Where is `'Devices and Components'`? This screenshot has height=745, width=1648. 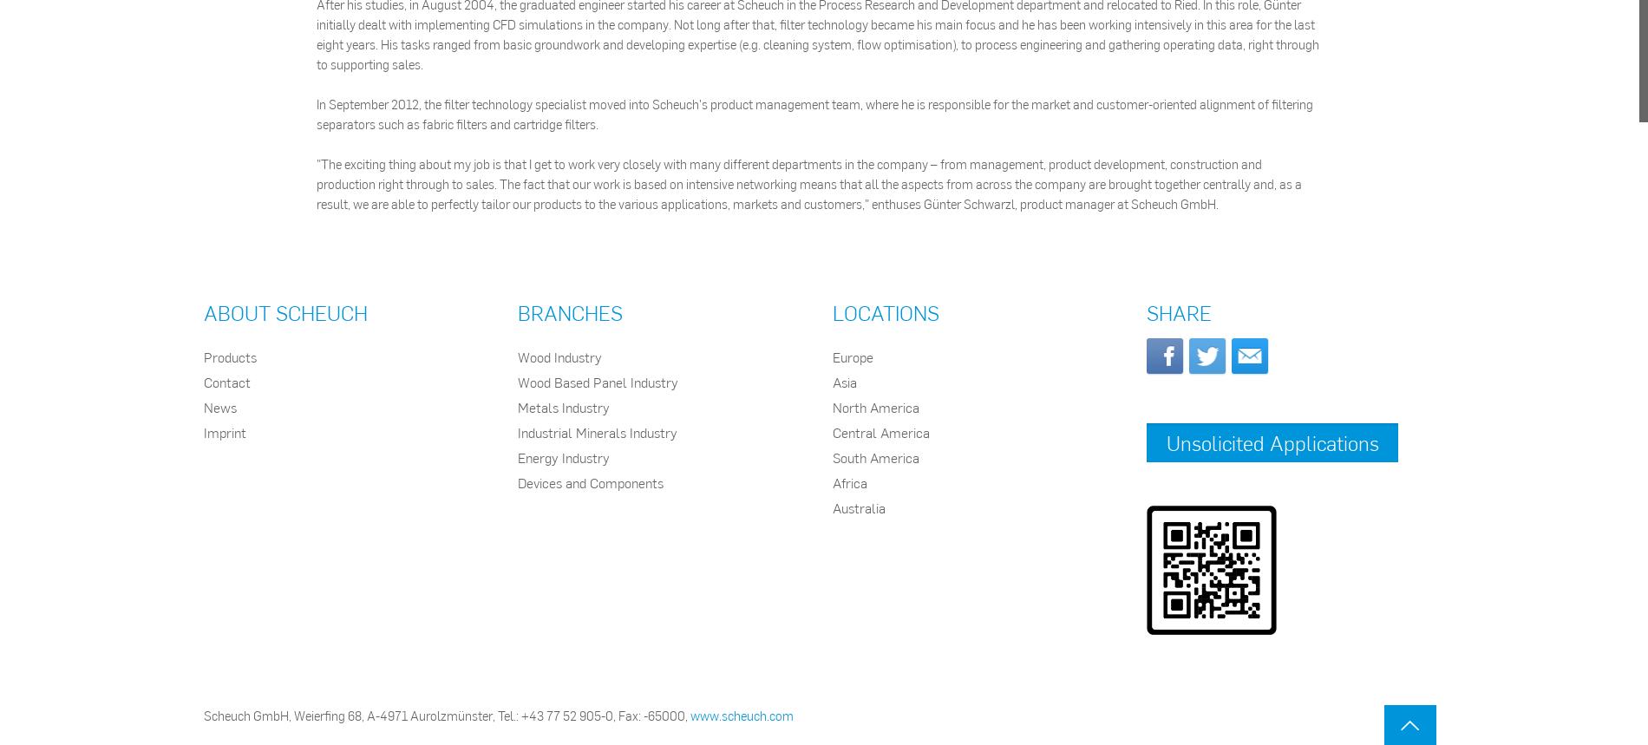 'Devices and Components' is located at coordinates (590, 481).